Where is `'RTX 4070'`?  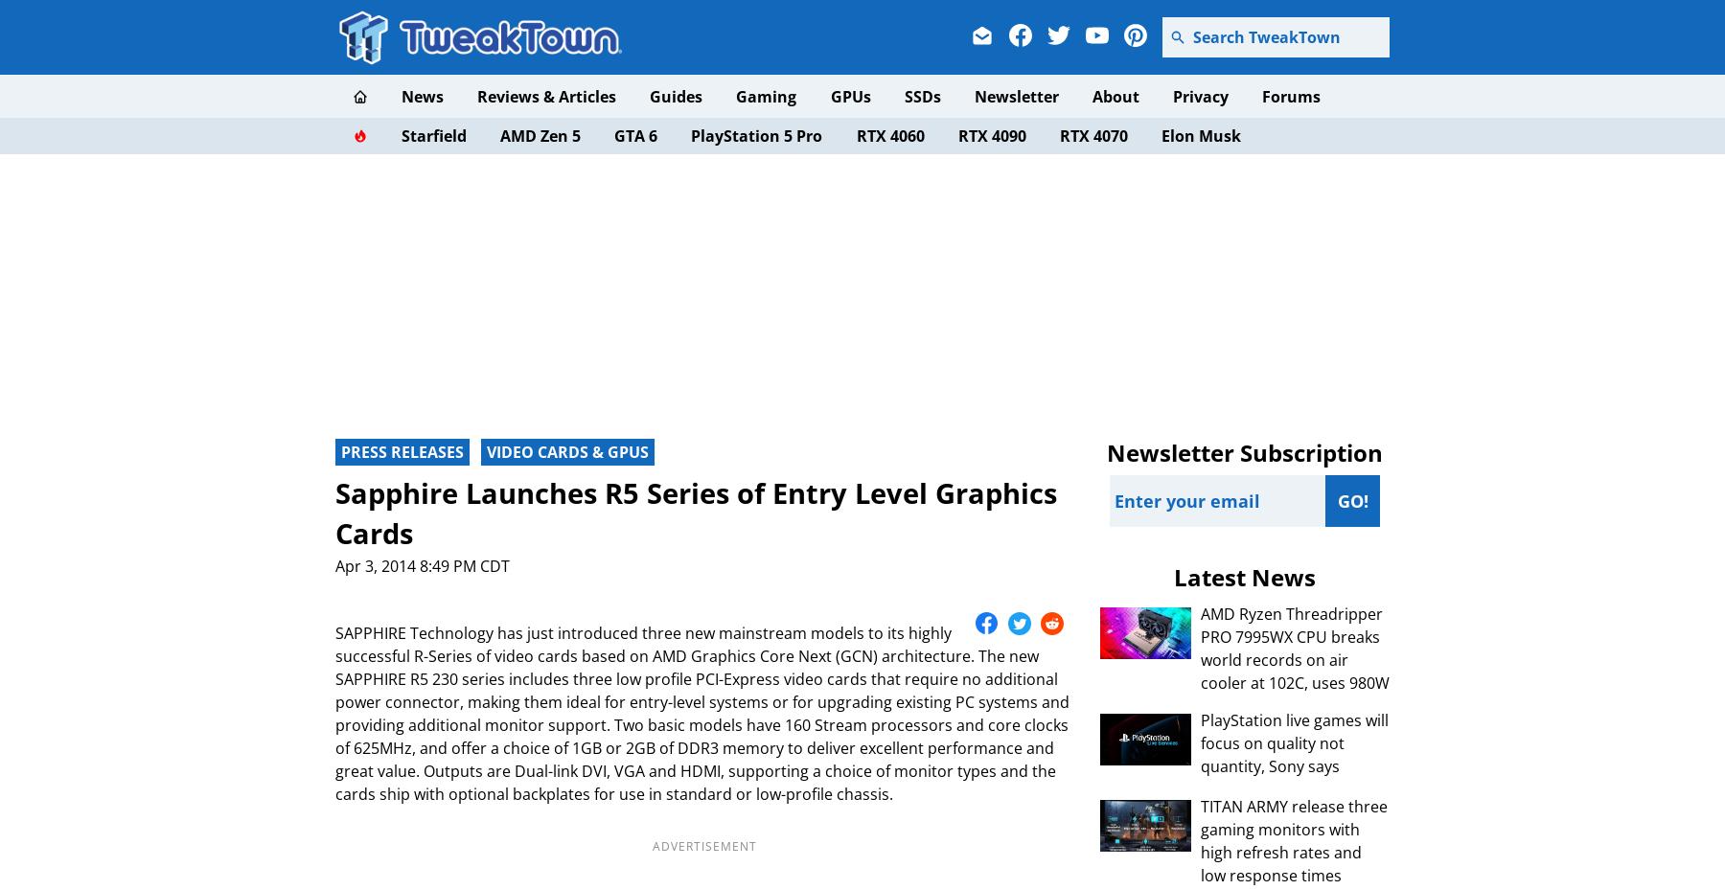
'RTX 4070' is located at coordinates (1059, 135).